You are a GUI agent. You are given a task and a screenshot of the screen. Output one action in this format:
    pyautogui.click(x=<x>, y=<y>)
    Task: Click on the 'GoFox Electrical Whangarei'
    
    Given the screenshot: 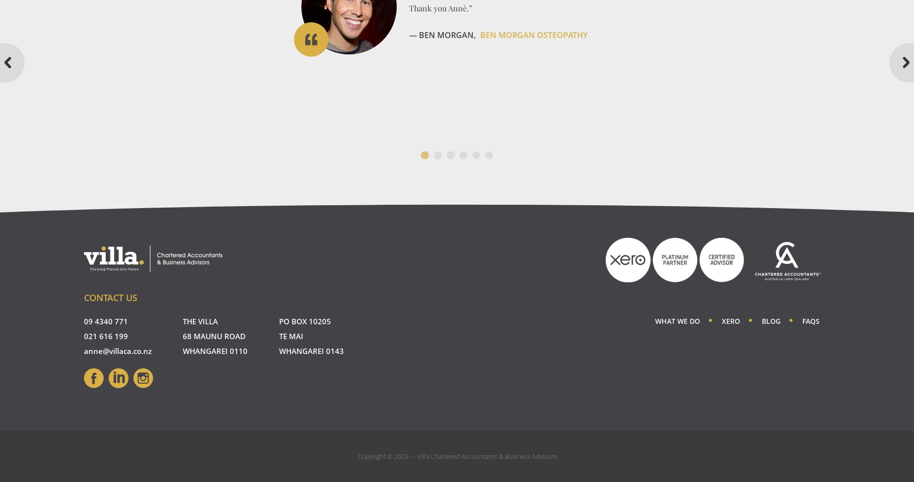 What is the action you would take?
    pyautogui.click(x=473, y=91)
    